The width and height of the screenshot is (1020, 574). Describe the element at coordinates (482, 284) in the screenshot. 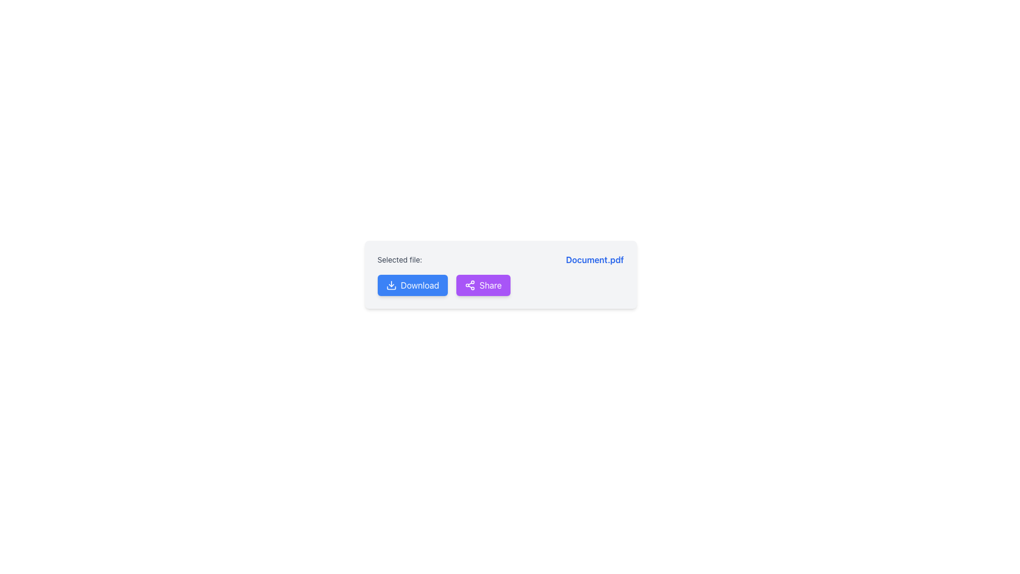

I see `the sharing button located to the right of the blue 'Download' button in the interface to highlight it for accessibility` at that location.